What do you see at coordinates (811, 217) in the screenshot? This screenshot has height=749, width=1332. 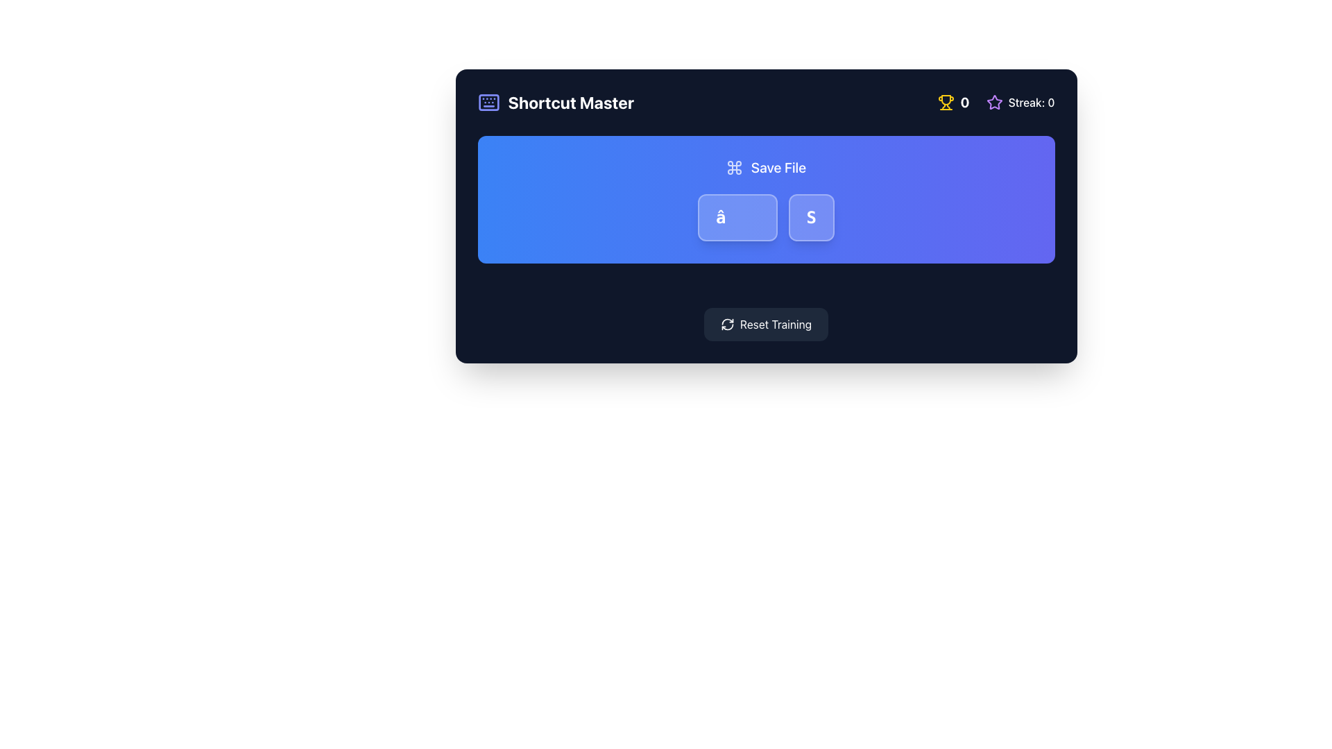 I see `the square button with rounded corners that has the letter 'S' in bold sans-serif font, located in the blue rectangular area labeled 'Save File'` at bounding box center [811, 217].